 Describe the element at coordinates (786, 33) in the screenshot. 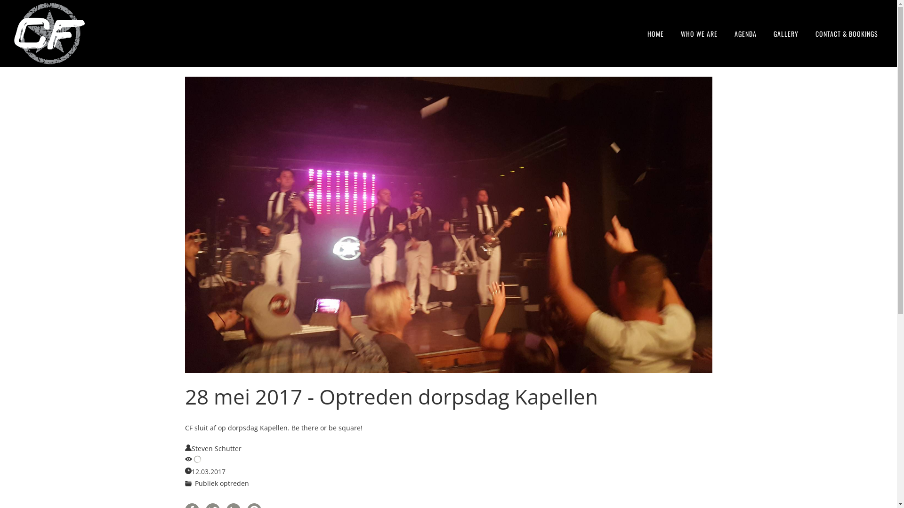

I see `'GALLERY'` at that location.